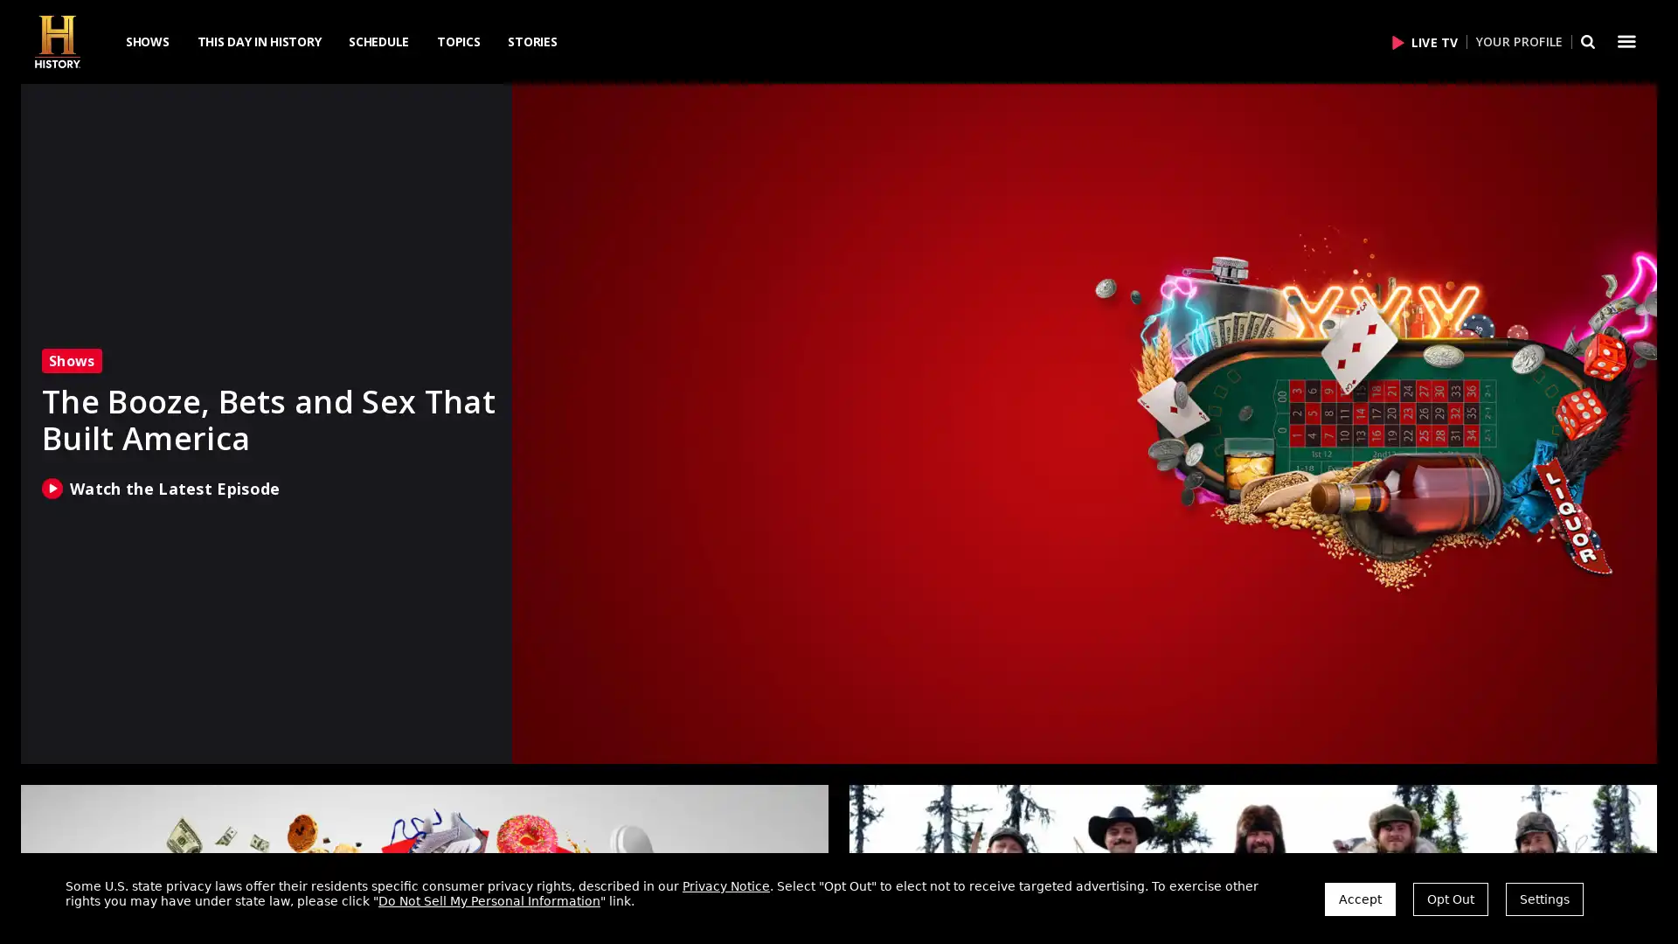 The width and height of the screenshot is (1678, 944). What do you see at coordinates (531, 40) in the screenshot?
I see `STORIES` at bounding box center [531, 40].